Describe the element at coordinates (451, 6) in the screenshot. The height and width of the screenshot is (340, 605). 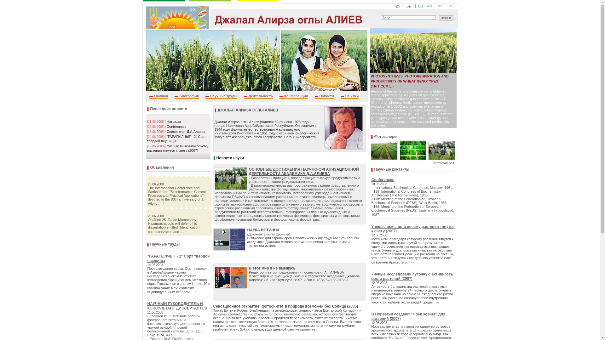
I see `'ENG'` at that location.